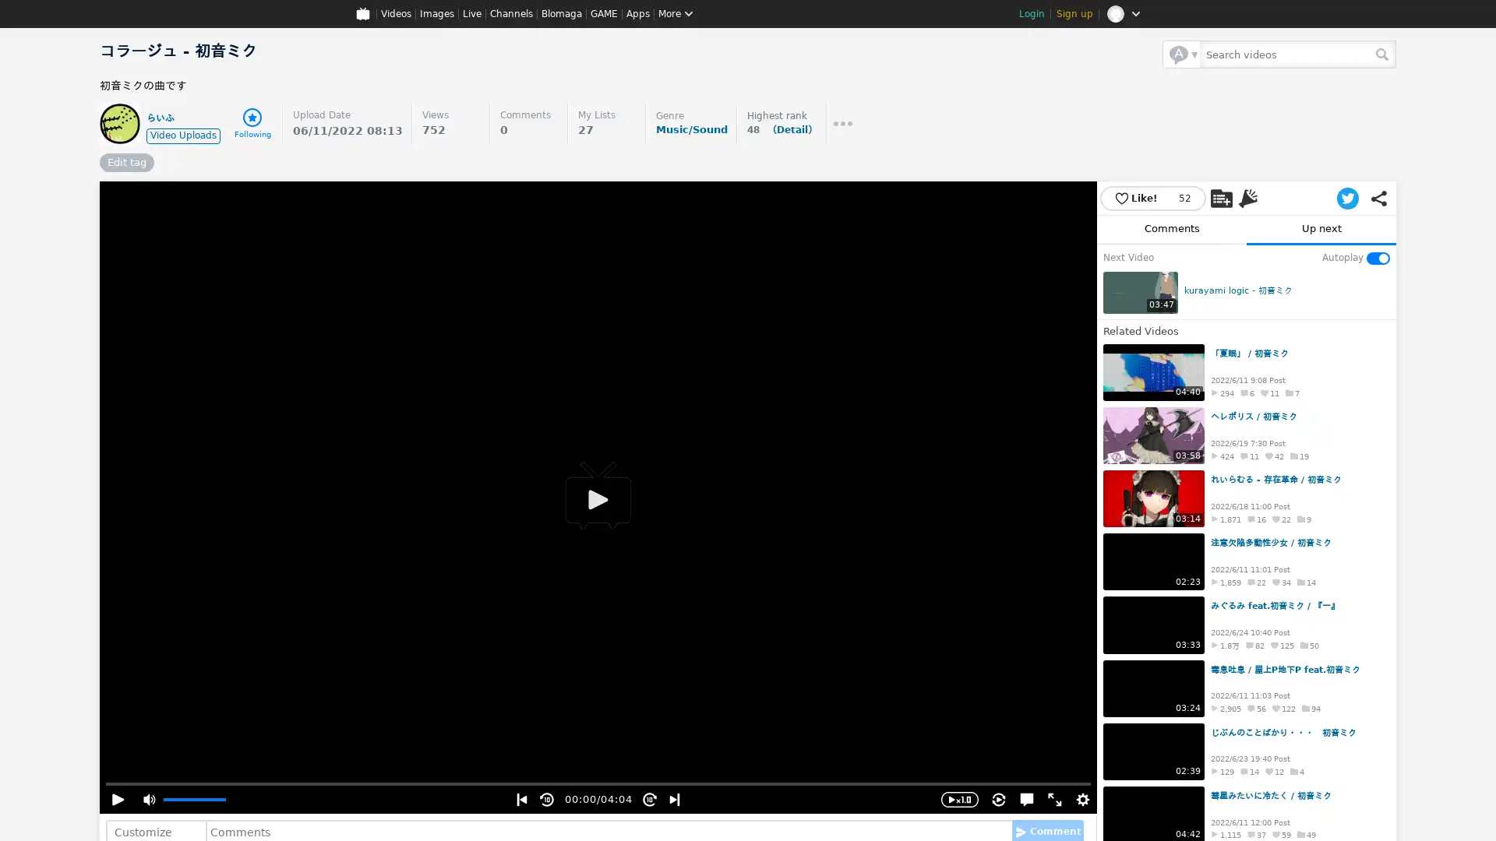  I want to click on Advertise with Niconi Ads, so click(1248, 197).